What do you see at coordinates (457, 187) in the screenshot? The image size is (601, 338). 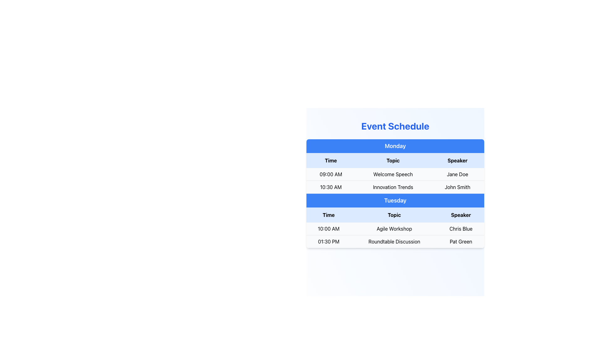 I see `static text label 'John Smith' located in the 'Speaker' column under the '10:30 AM' timing for the 'Innovation Trends' topic` at bounding box center [457, 187].